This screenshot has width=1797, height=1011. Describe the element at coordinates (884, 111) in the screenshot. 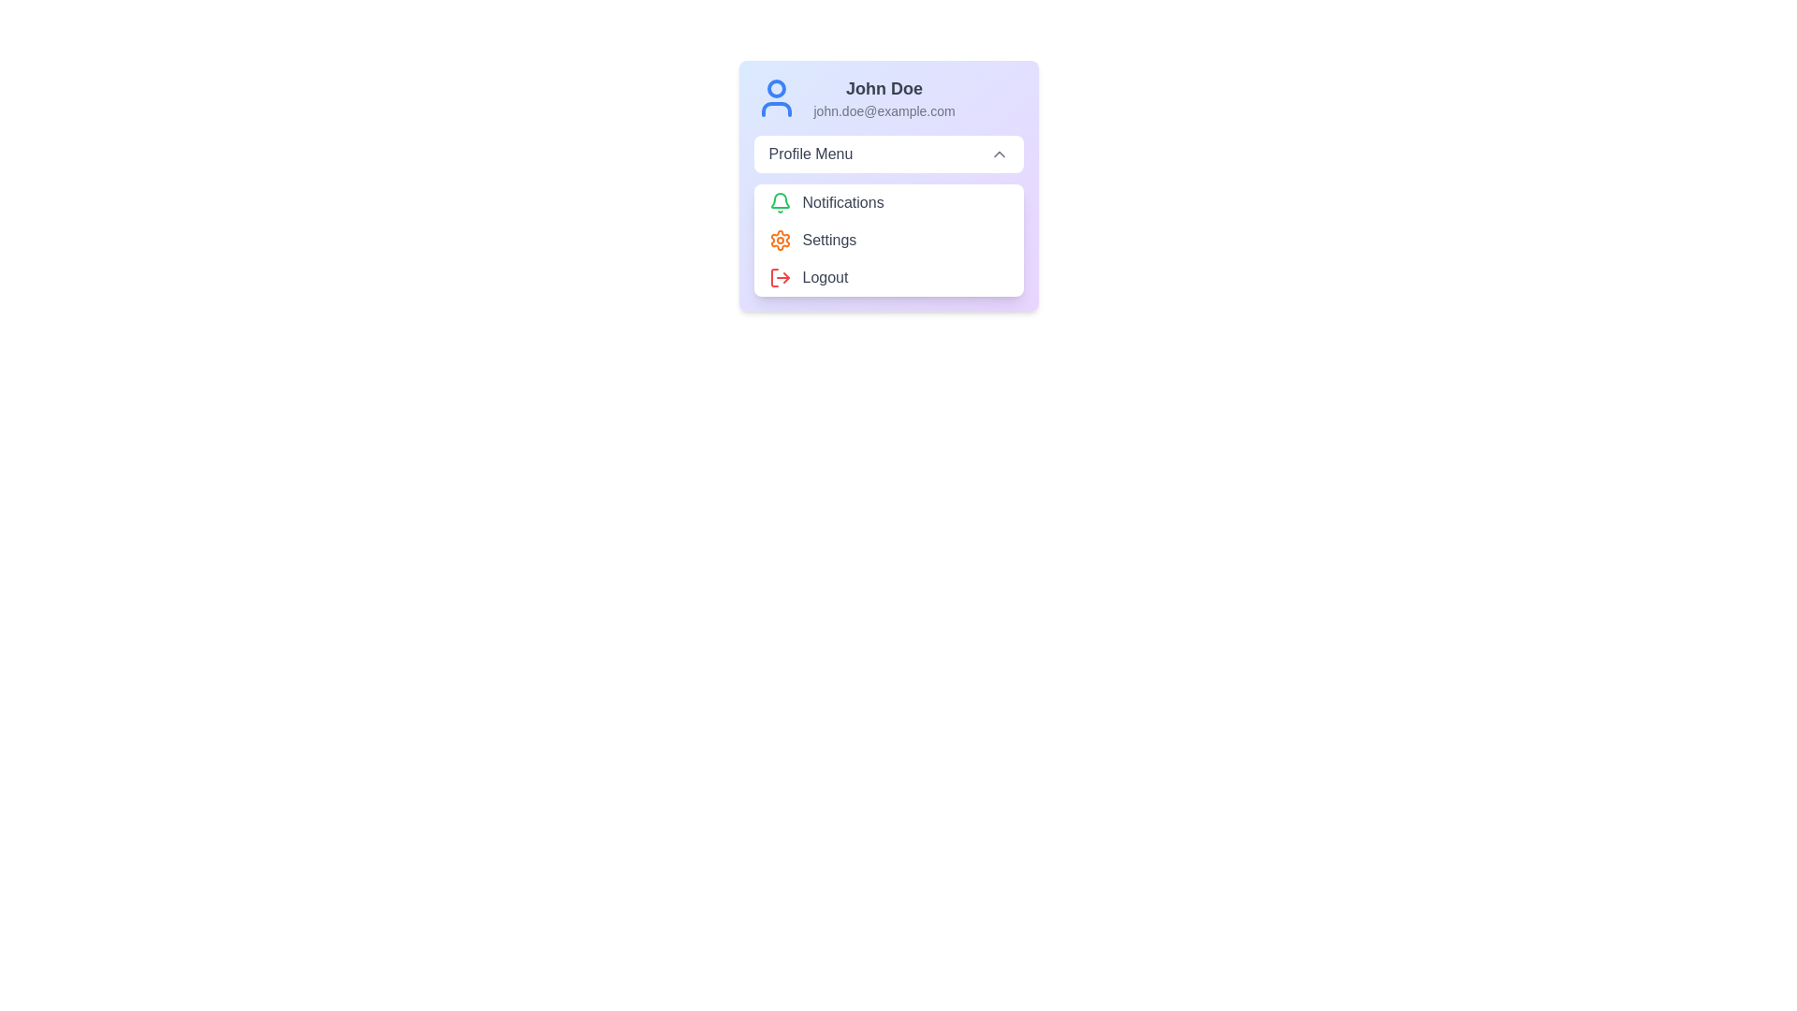

I see `the display text element that shows the email address 'john.doe@example.com', located below the bolded text 'John Doe' in the user profile card` at that location.